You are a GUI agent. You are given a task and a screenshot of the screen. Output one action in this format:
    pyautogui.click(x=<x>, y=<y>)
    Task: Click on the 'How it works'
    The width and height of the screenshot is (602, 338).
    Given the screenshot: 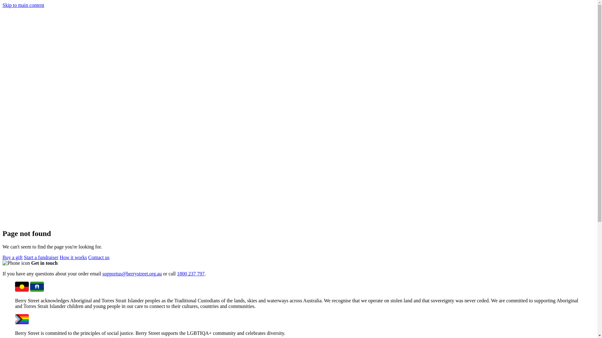 What is the action you would take?
    pyautogui.click(x=73, y=257)
    